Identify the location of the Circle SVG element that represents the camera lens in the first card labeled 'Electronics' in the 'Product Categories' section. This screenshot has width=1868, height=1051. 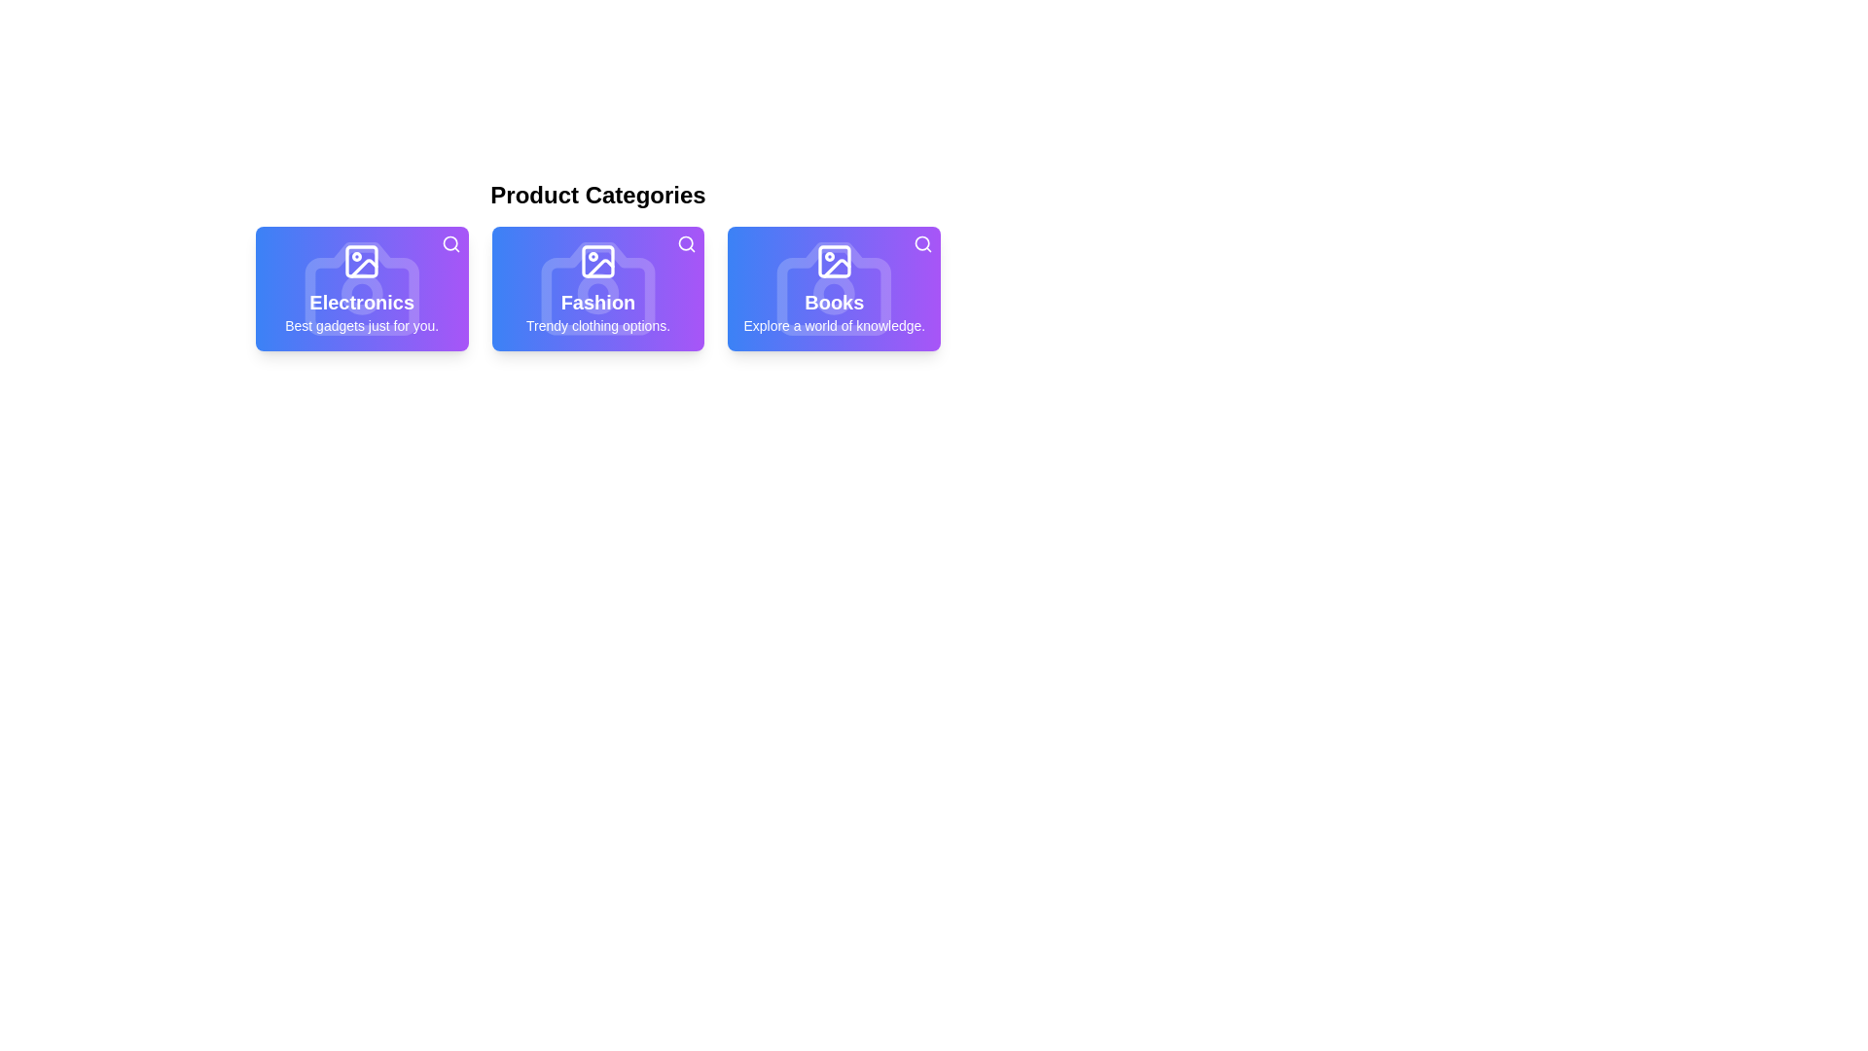
(362, 294).